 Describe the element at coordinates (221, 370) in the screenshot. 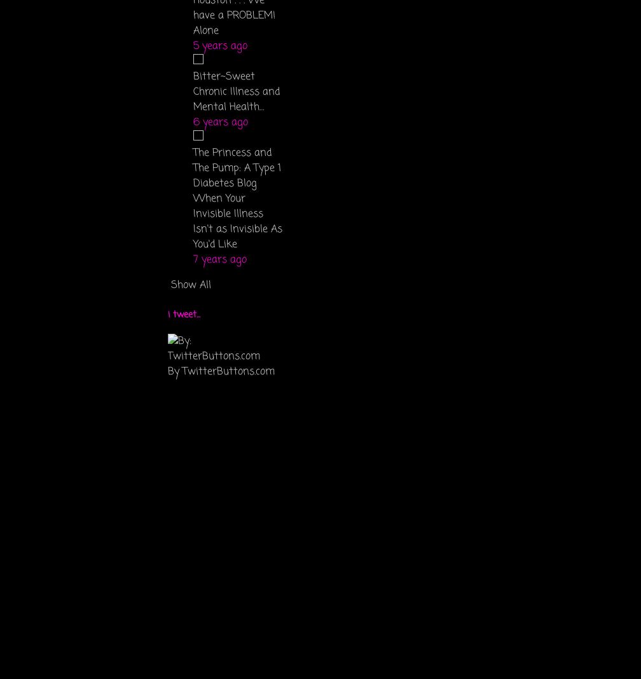

I see `'By TwitterButtons.com'` at that location.